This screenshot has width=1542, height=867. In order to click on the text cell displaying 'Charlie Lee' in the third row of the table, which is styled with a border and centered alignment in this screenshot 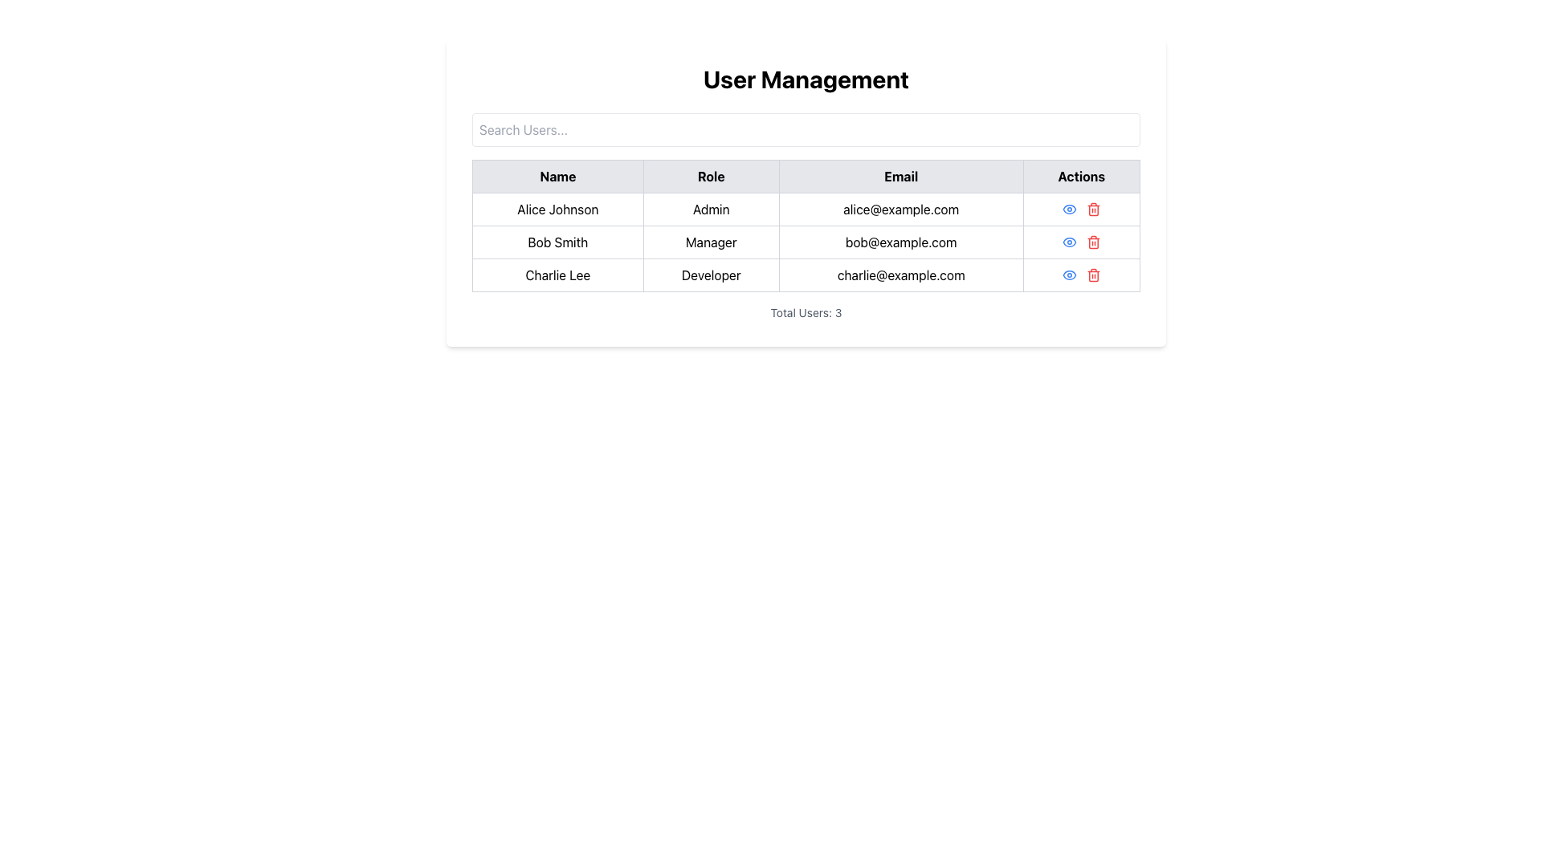, I will do `click(557, 275)`.